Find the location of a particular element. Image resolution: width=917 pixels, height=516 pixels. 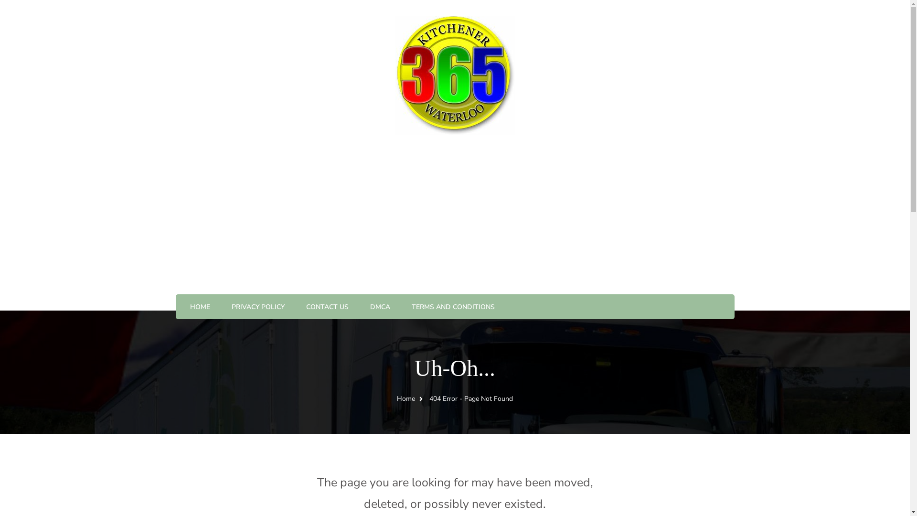

'TERMS AND CONDITIONS' is located at coordinates (453, 308).